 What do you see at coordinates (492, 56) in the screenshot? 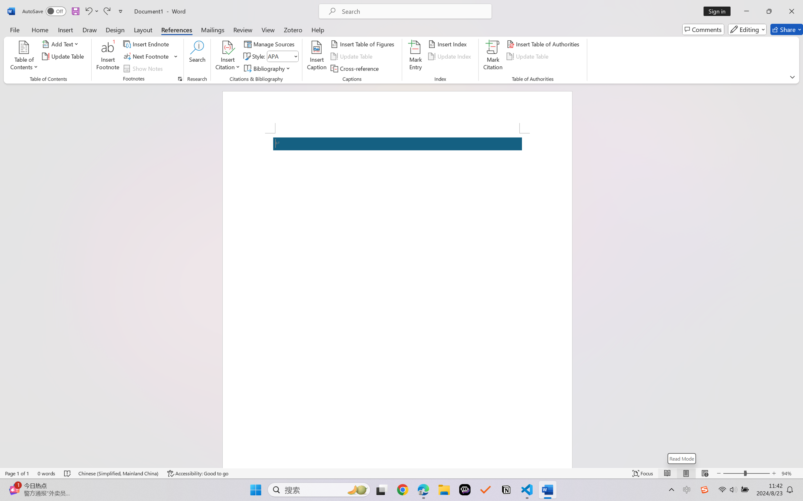
I see `'Mark Citation...'` at bounding box center [492, 56].